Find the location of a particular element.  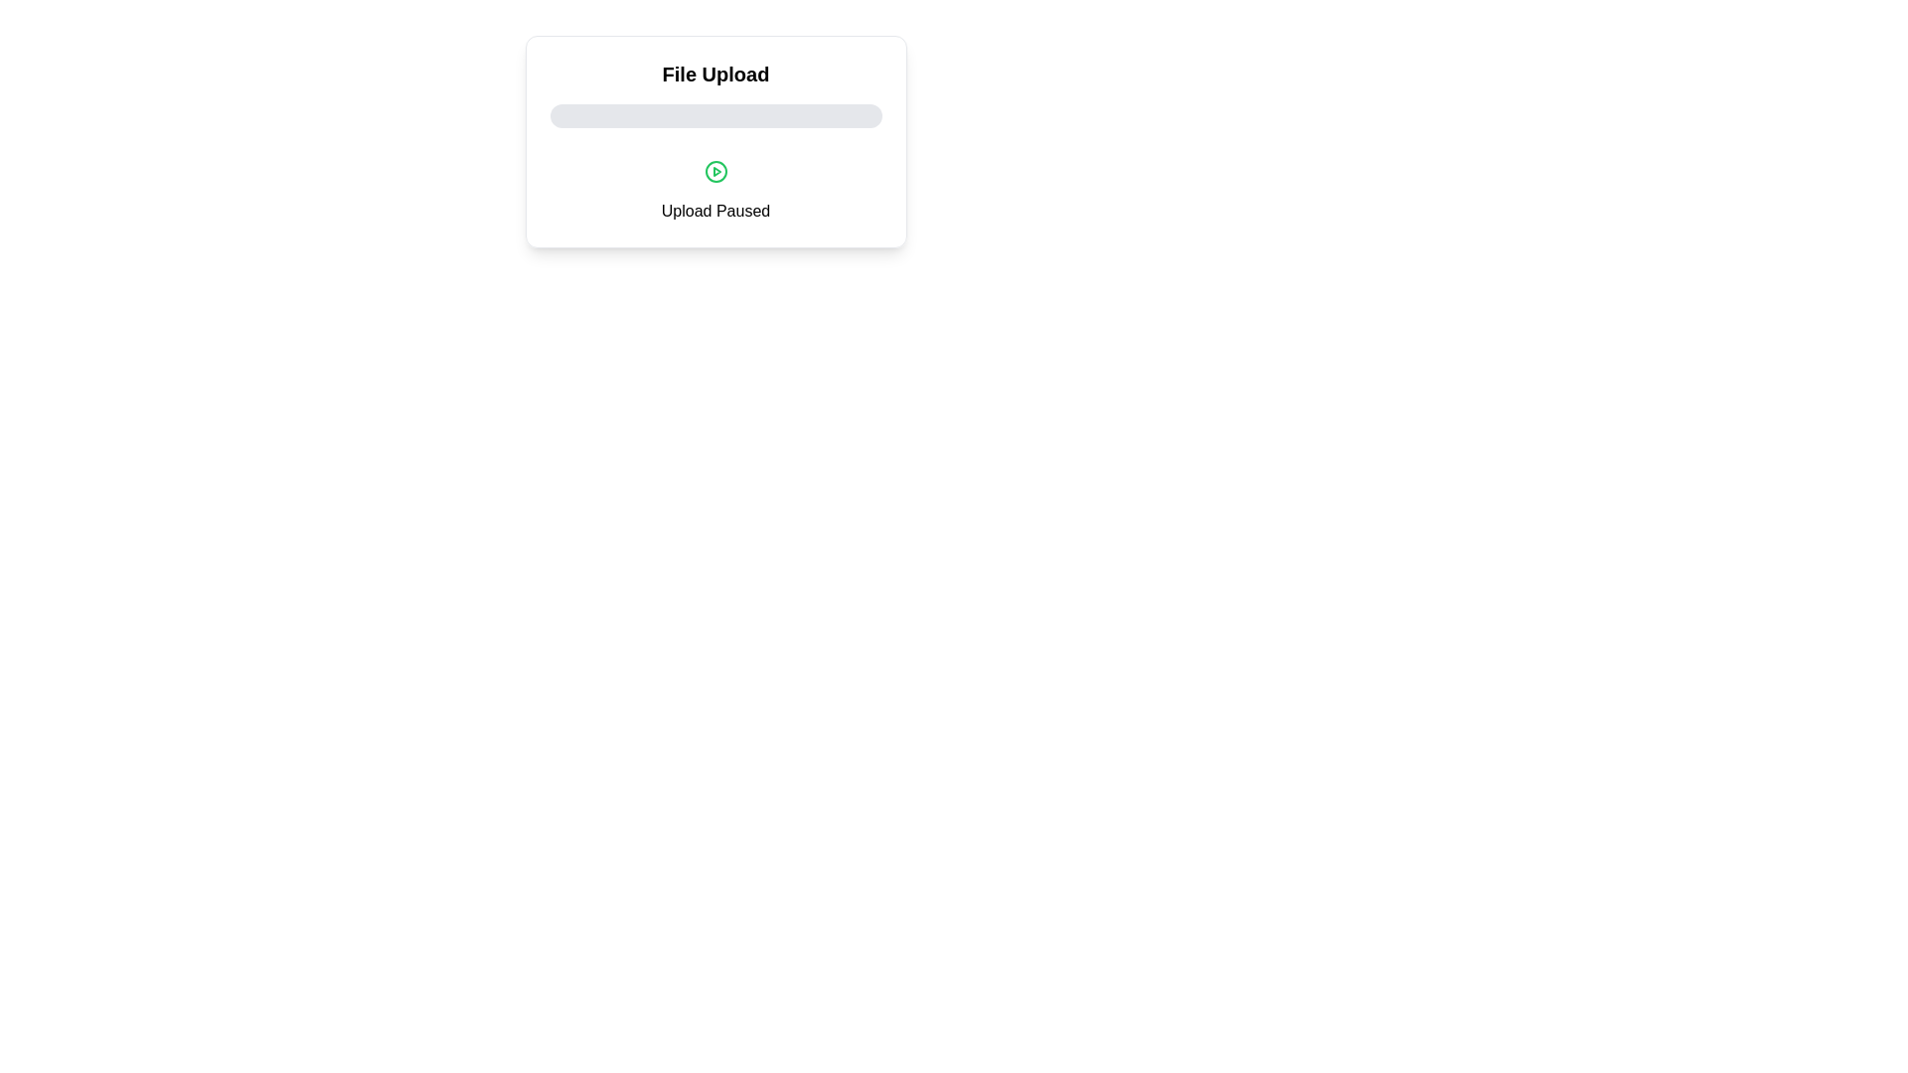

the progress bar located below the title 'File Upload' and above the circular play button, which visually indicates the completion status of a file upload is located at coordinates (715, 115).